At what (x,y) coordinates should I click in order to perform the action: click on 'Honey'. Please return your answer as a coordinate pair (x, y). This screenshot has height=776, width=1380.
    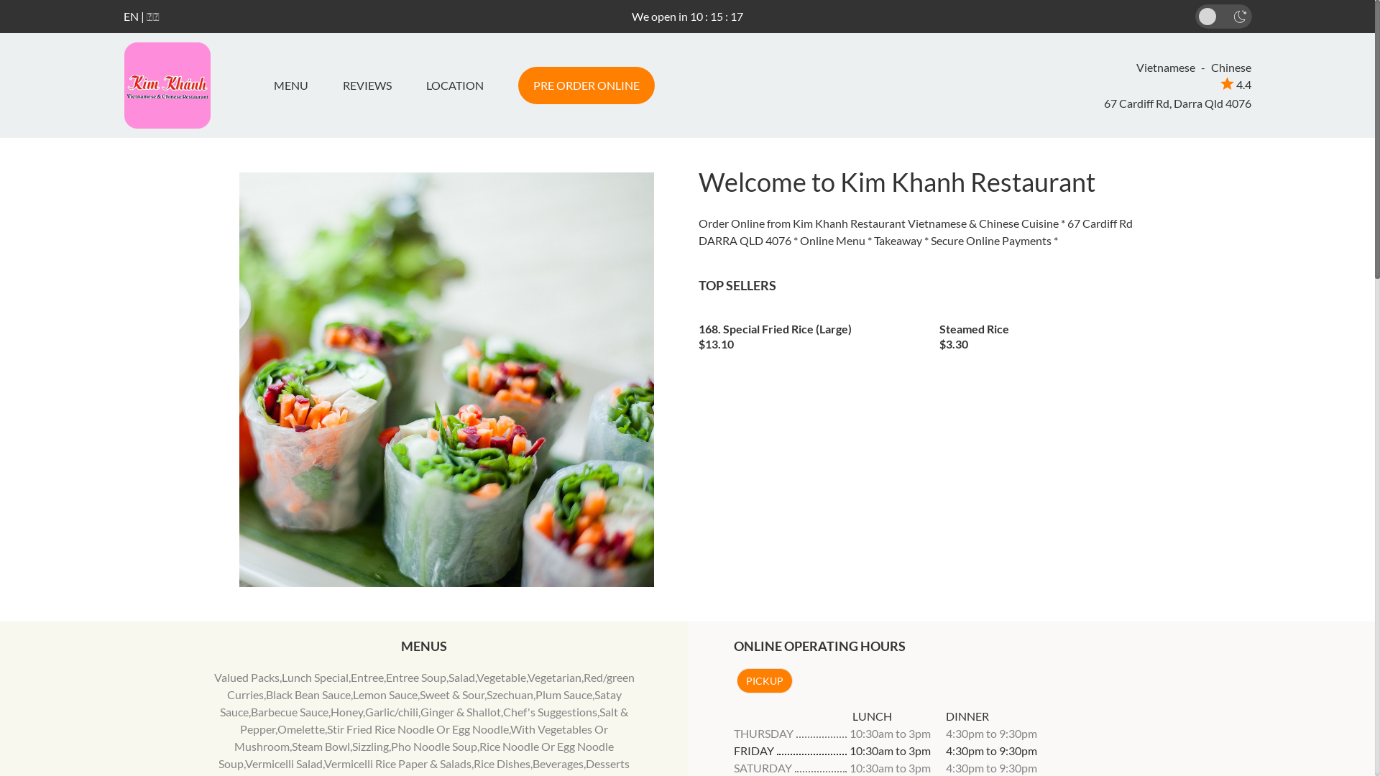
    Looking at the image, I should click on (346, 711).